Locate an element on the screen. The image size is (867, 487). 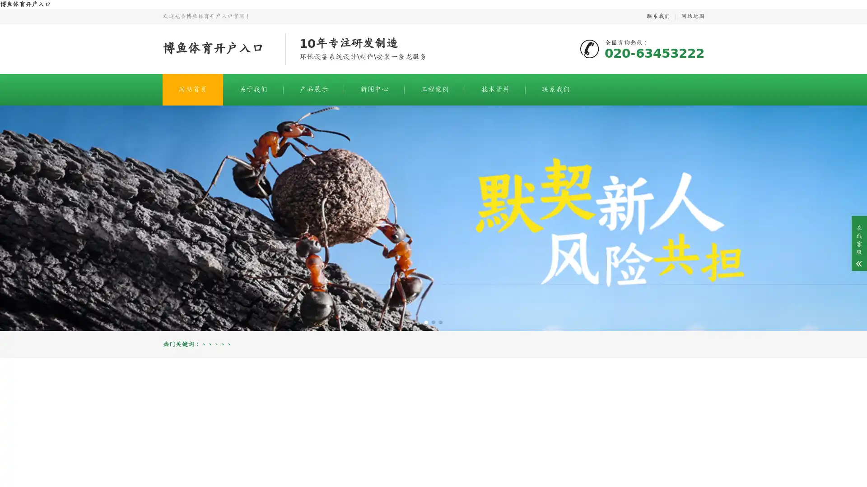
Go to slide 3 is located at coordinates (440, 322).